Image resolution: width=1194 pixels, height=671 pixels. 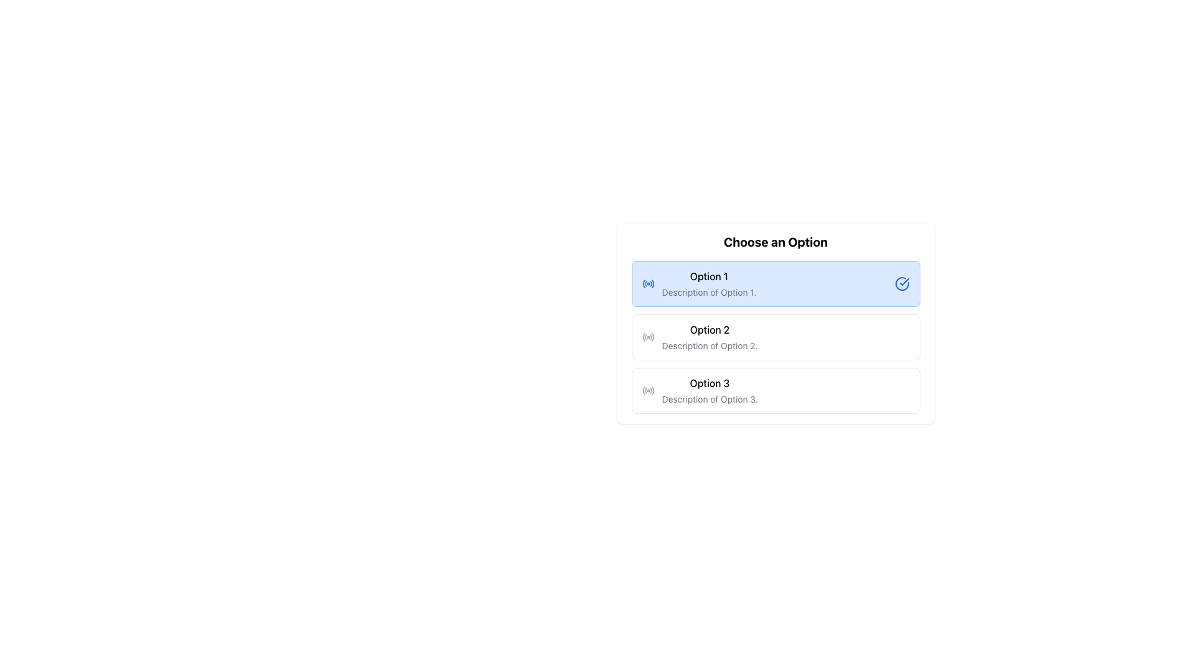 What do you see at coordinates (775, 322) in the screenshot?
I see `the selection group containing radio button elements, which has a white background and rounded corners` at bounding box center [775, 322].